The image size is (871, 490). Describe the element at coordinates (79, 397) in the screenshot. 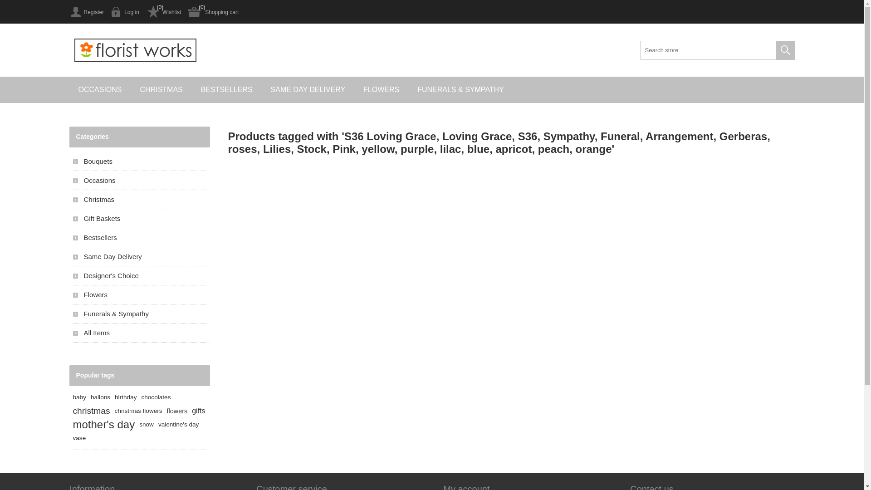

I see `'baby'` at that location.